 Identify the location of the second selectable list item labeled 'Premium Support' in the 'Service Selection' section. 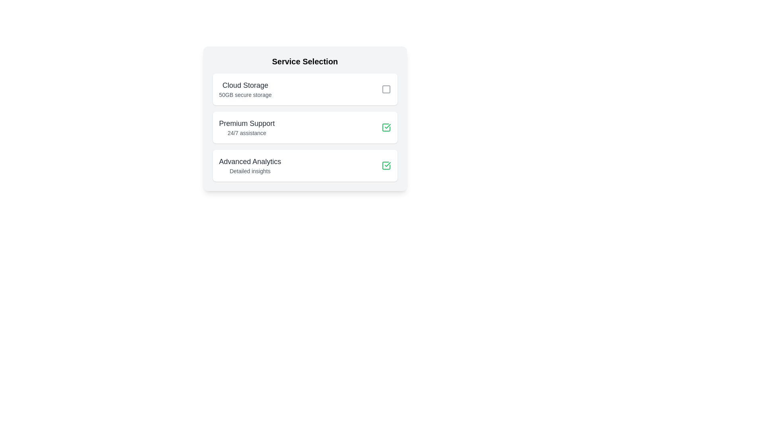
(304, 127).